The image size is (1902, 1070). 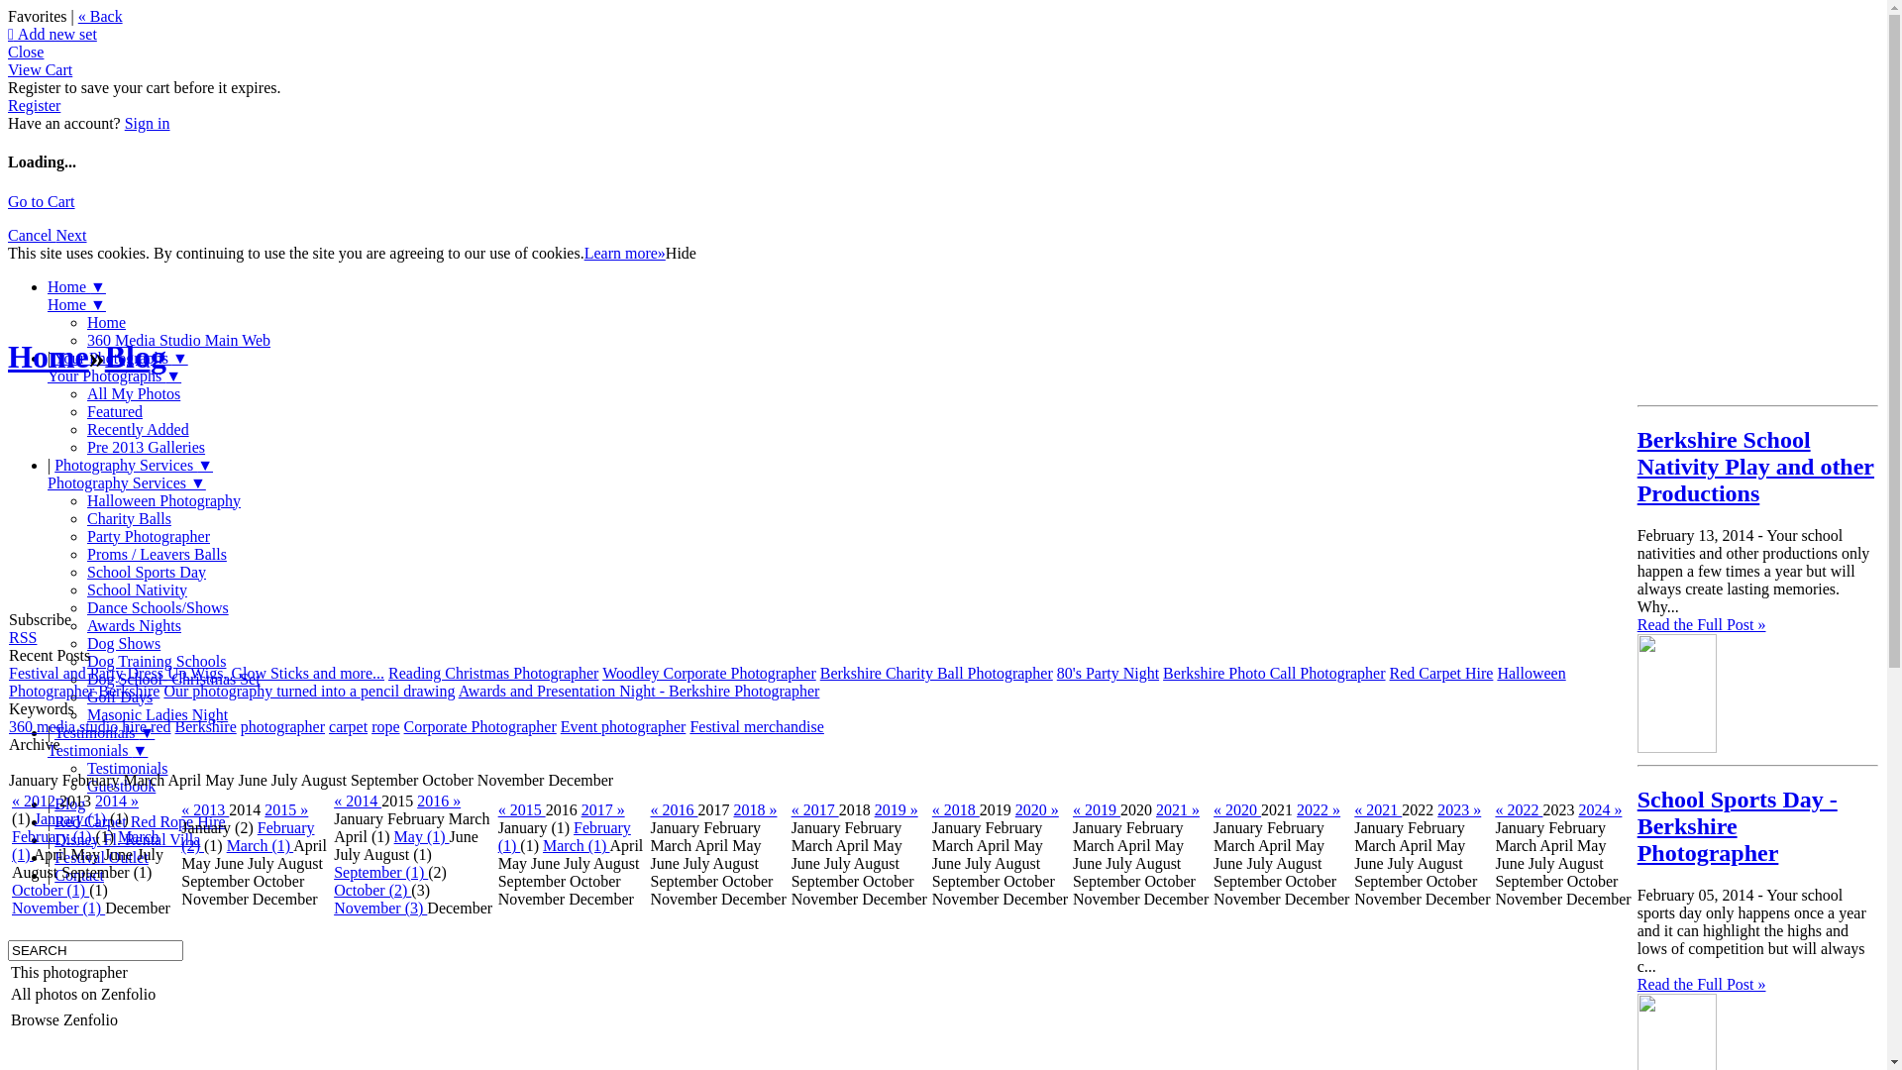 I want to click on 'Dog Training Schools', so click(x=156, y=661).